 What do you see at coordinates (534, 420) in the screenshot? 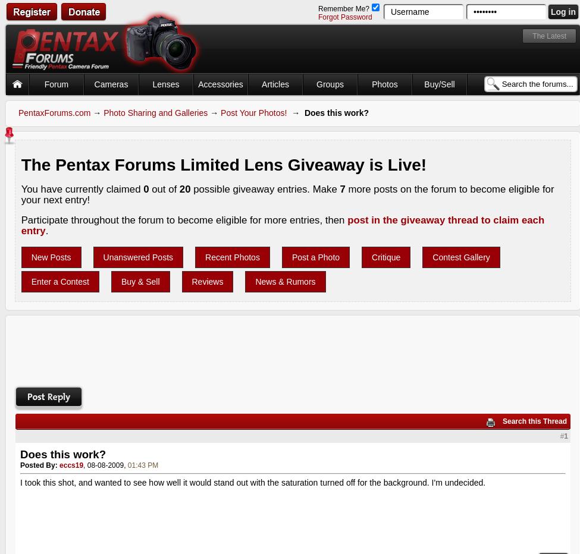
I see `'Search this Thread'` at bounding box center [534, 420].